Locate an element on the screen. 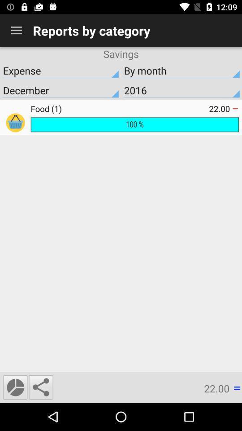  display graphic view is located at coordinates (15, 387).